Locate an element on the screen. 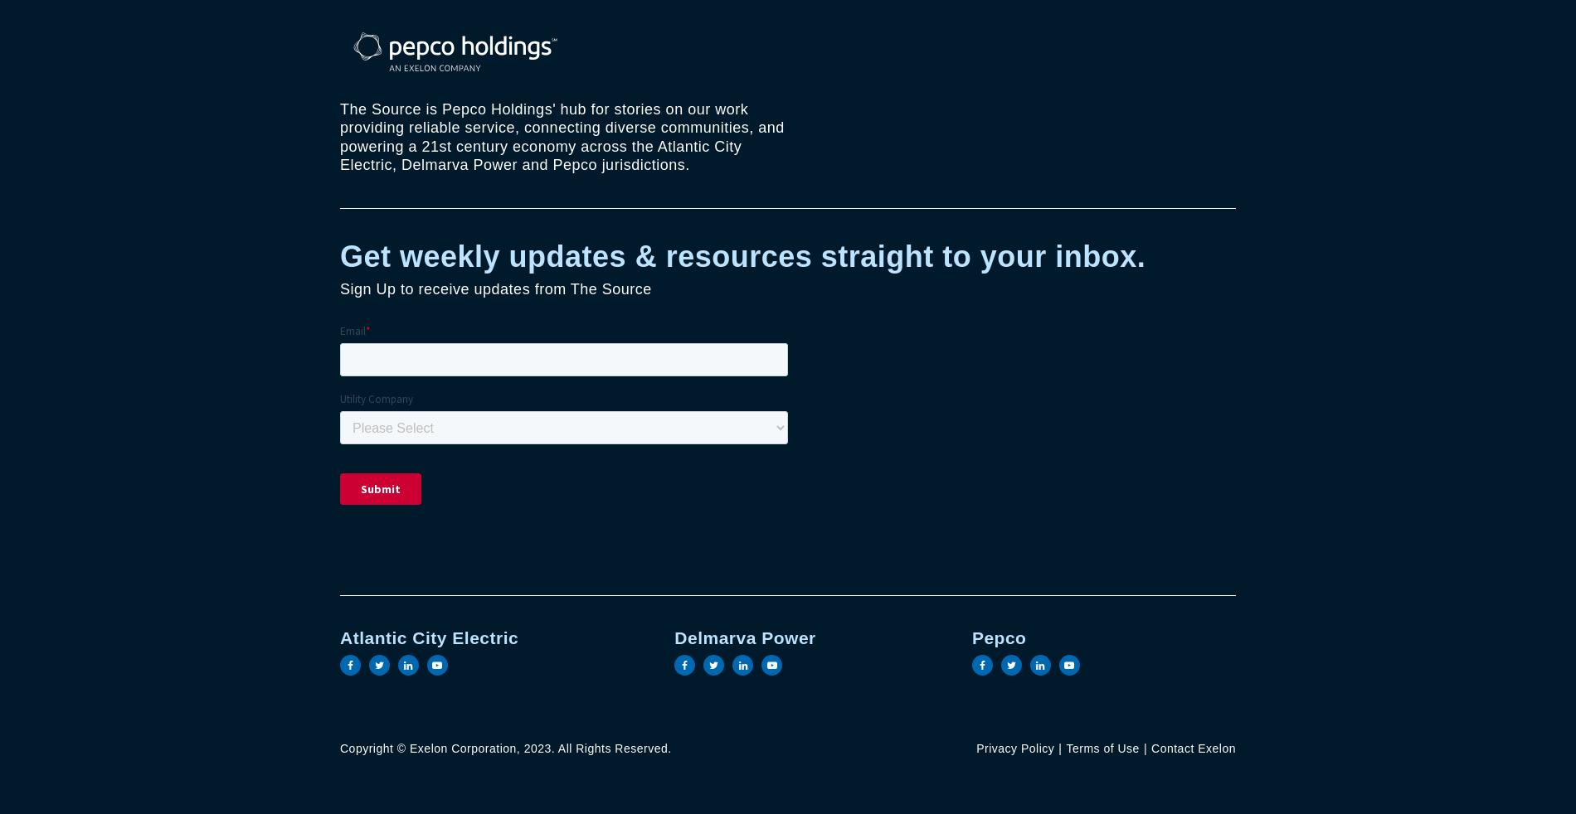 The width and height of the screenshot is (1576, 814). 'Atlantic City Electric' is located at coordinates (429, 637).